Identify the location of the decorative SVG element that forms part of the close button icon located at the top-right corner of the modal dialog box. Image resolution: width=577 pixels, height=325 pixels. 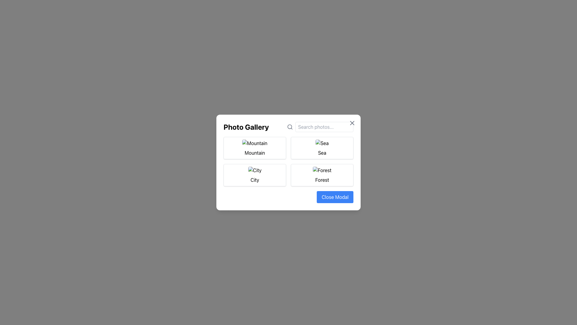
(352, 122).